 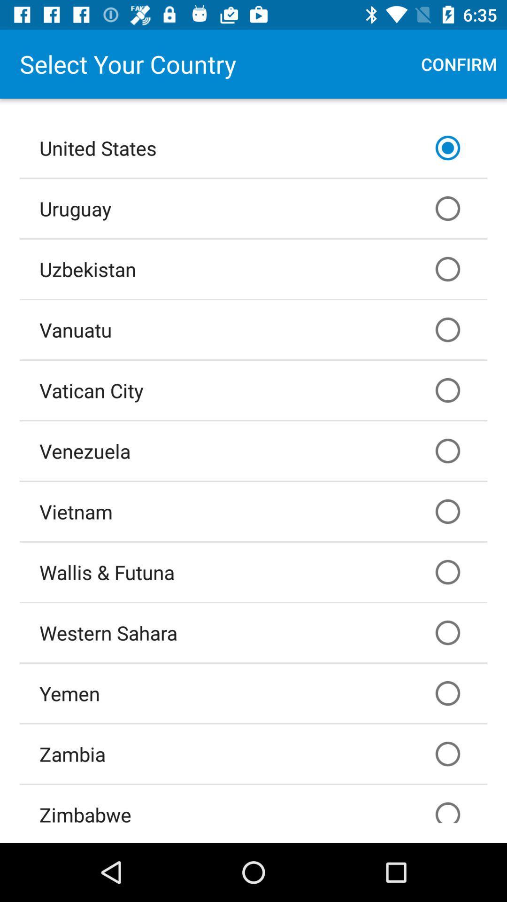 What do you see at coordinates (253, 633) in the screenshot?
I see `the western sahara icon` at bounding box center [253, 633].